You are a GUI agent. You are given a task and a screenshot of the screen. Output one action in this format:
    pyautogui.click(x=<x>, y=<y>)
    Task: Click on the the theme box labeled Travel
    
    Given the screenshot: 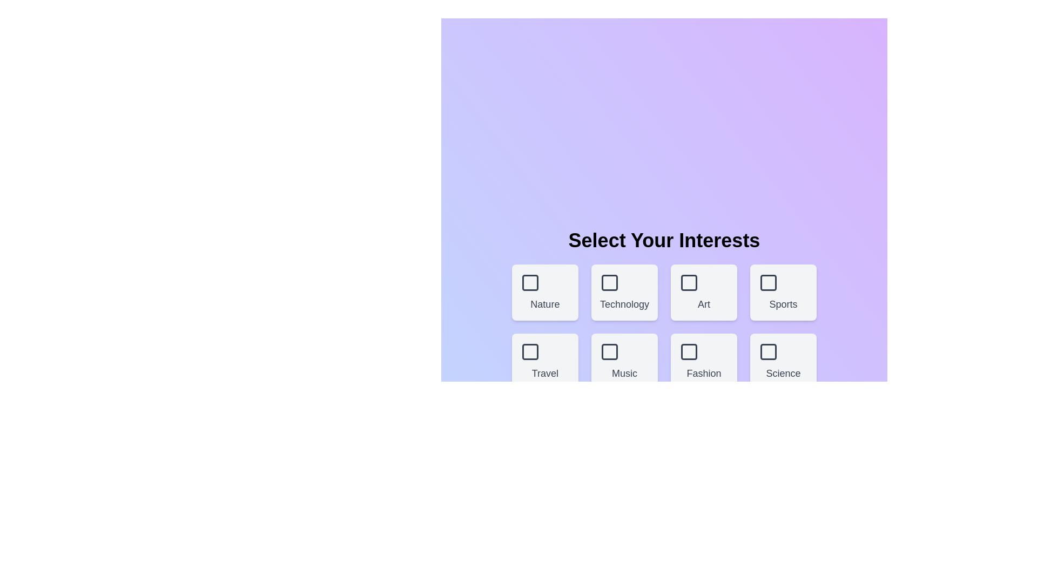 What is the action you would take?
    pyautogui.click(x=545, y=362)
    